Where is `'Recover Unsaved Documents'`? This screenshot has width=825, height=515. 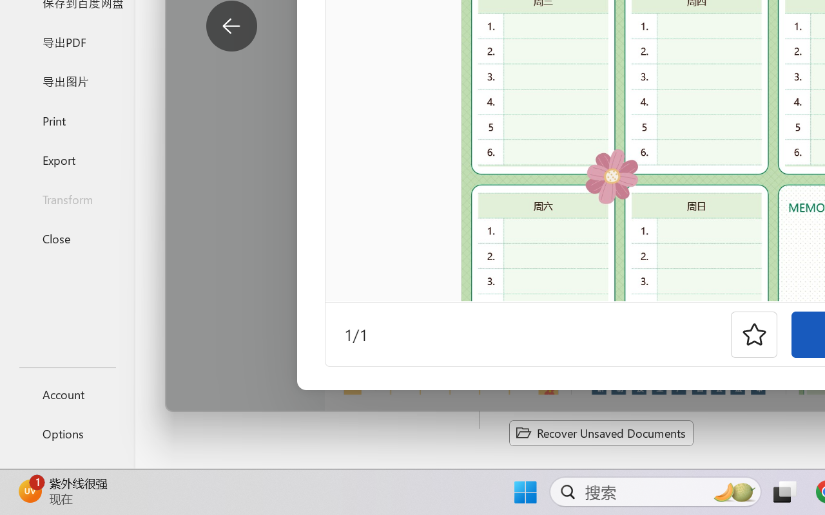 'Recover Unsaved Documents' is located at coordinates (601, 433).